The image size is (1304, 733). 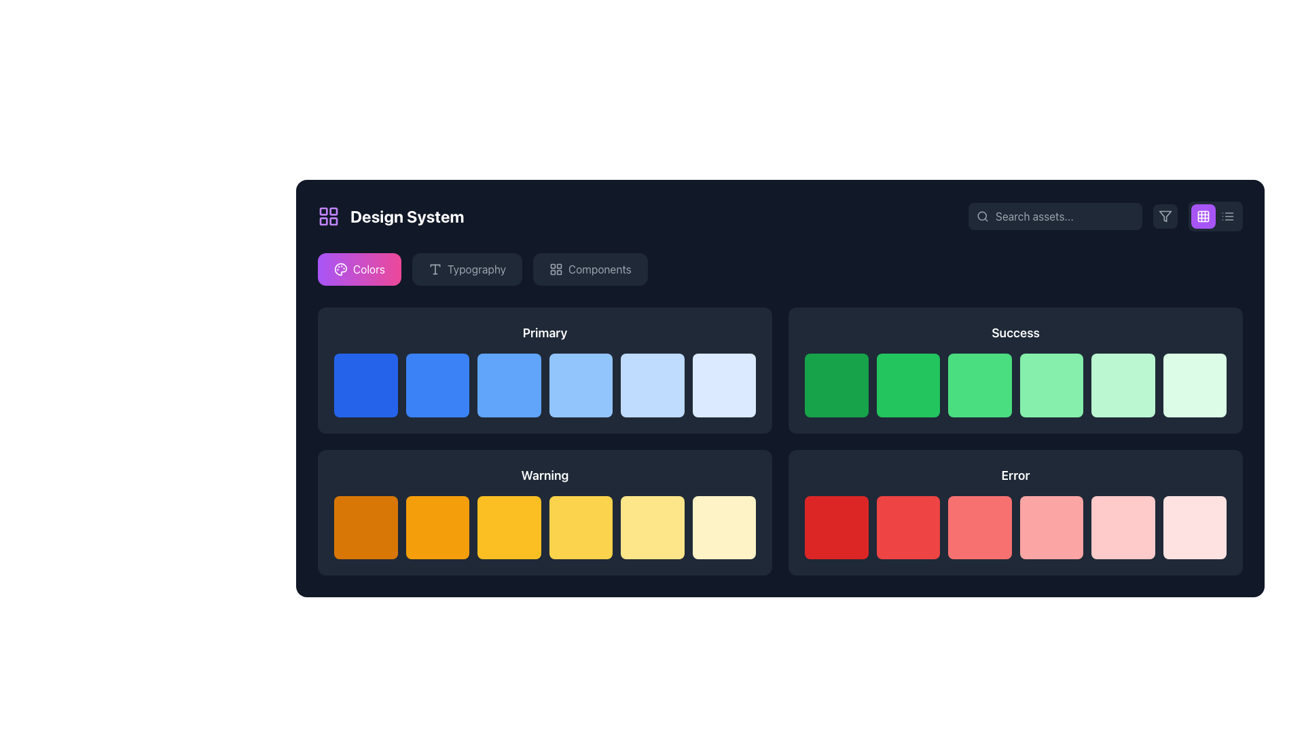 What do you see at coordinates (1194, 385) in the screenshot?
I see `the sixth interactive tile in the 'Success' row, which is a square tile with rounded corners and a light green shade` at bounding box center [1194, 385].